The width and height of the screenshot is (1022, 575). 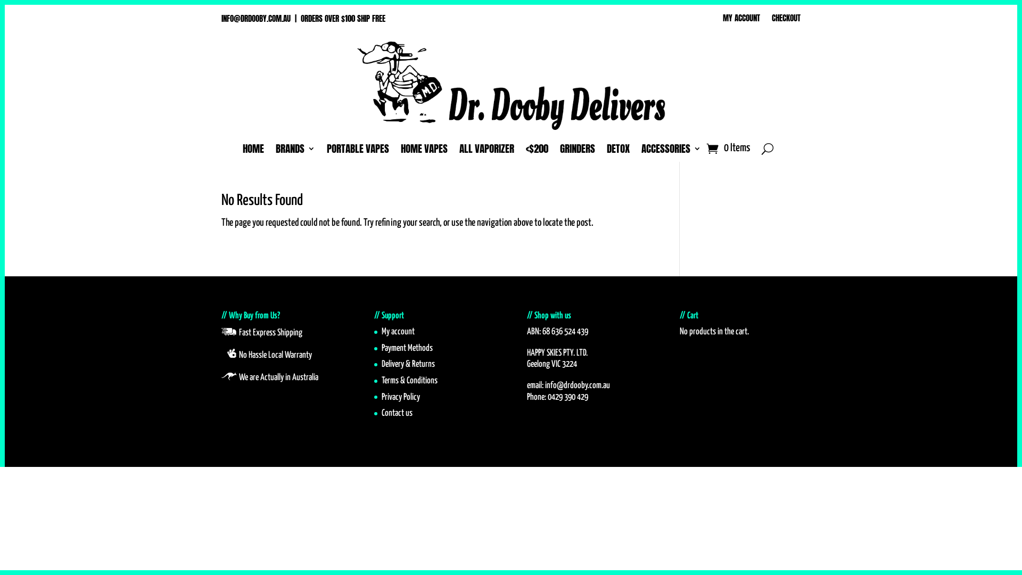 What do you see at coordinates (671, 150) in the screenshot?
I see `'ACCESSORIES'` at bounding box center [671, 150].